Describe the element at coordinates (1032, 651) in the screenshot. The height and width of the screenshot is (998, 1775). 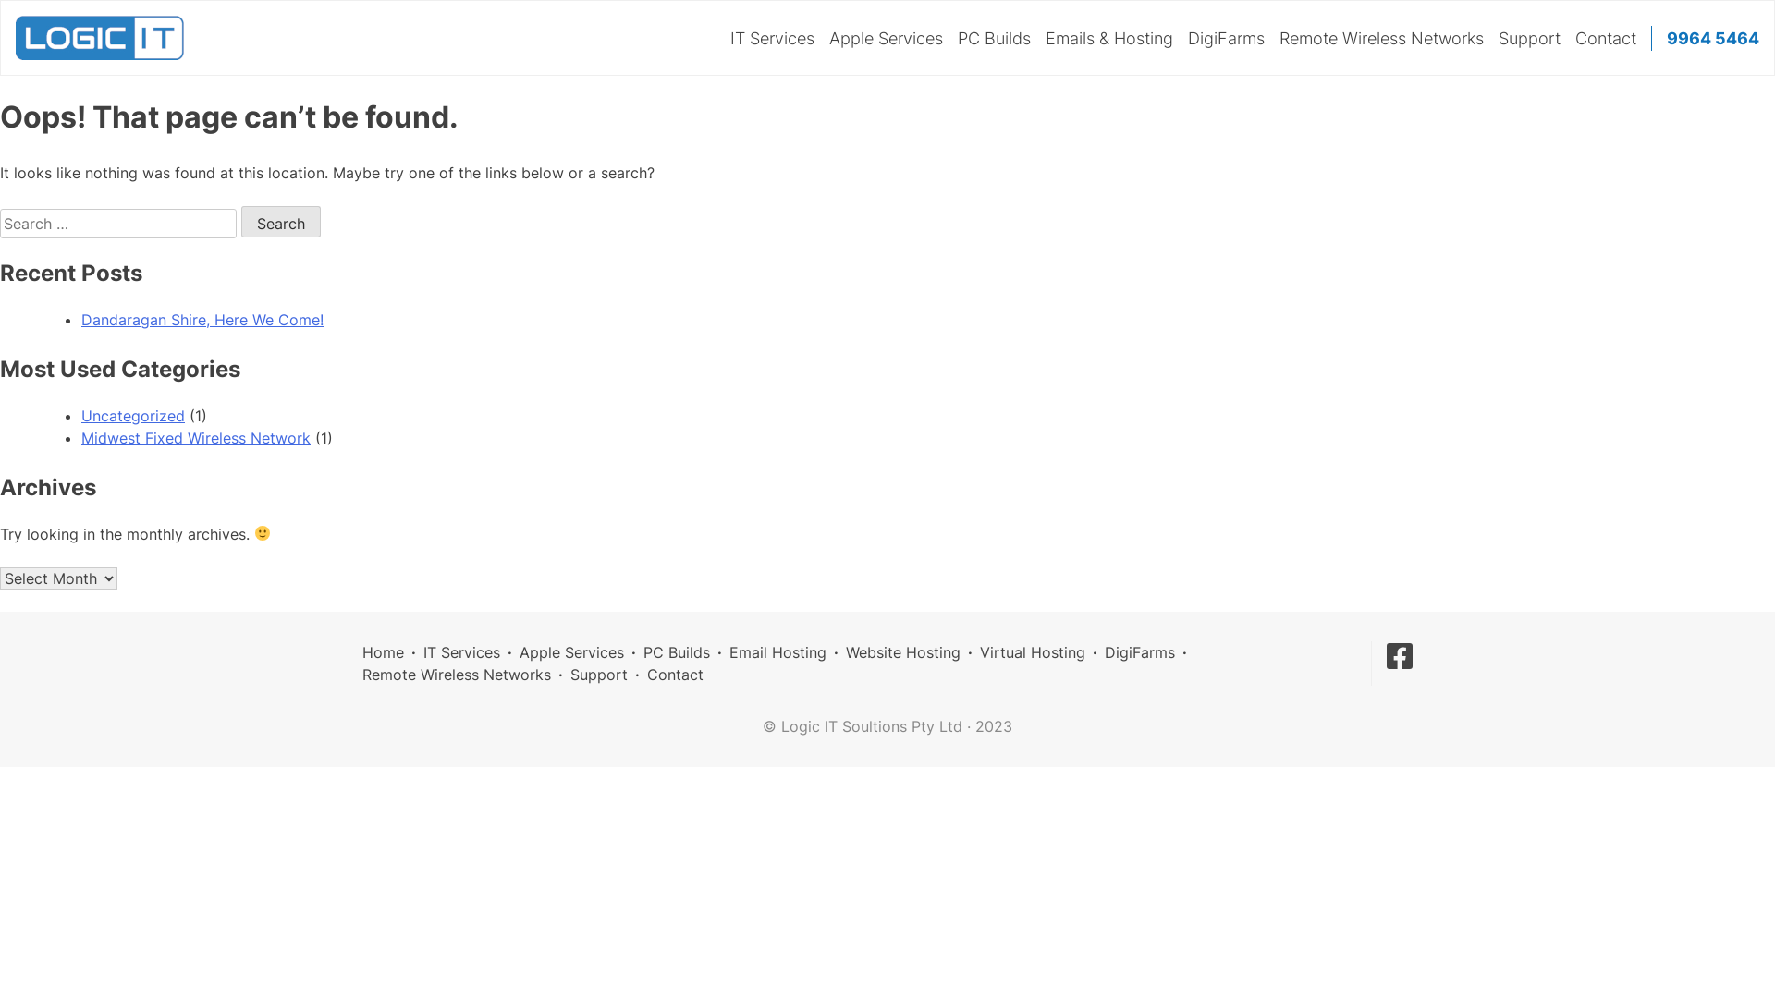
I see `'Virtual Hosting'` at that location.